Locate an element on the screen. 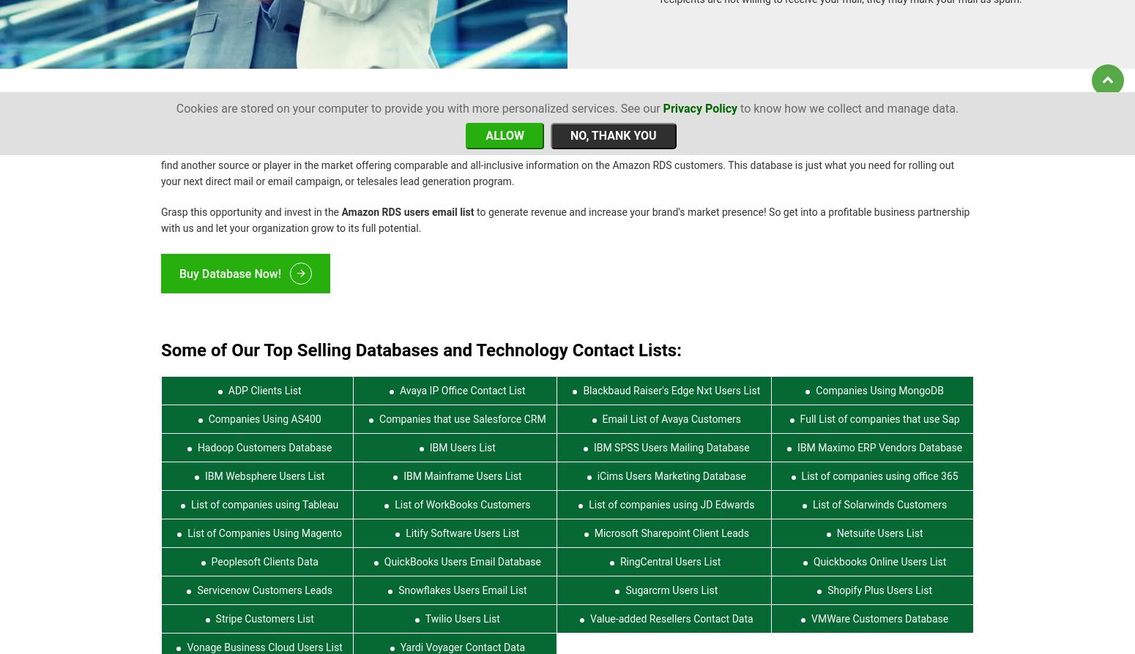 This screenshot has height=654, width=1135. 'Grasp this opportunity and invest in the' is located at coordinates (160, 203).